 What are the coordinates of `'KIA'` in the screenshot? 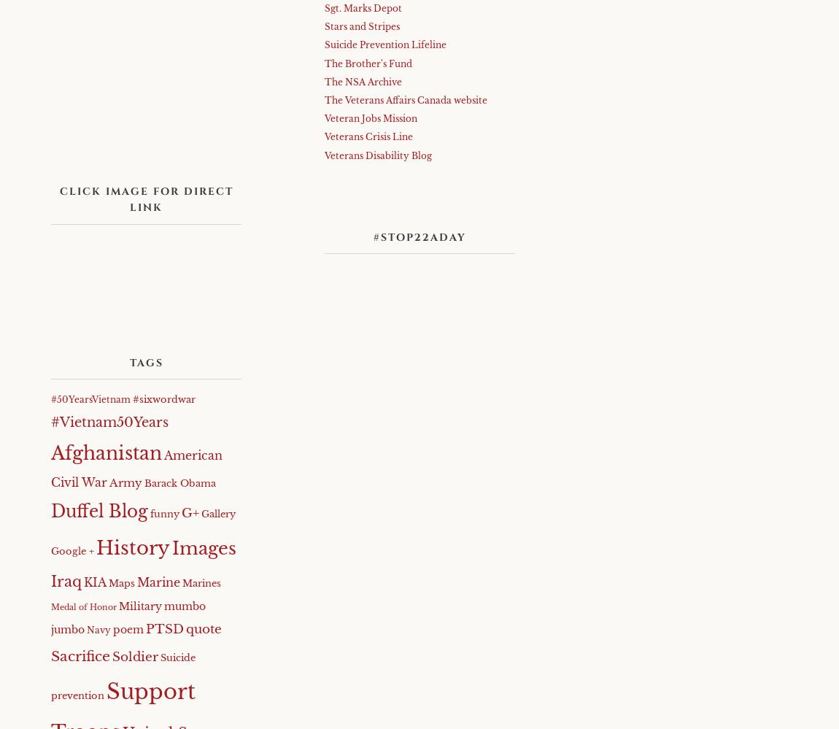 It's located at (94, 582).